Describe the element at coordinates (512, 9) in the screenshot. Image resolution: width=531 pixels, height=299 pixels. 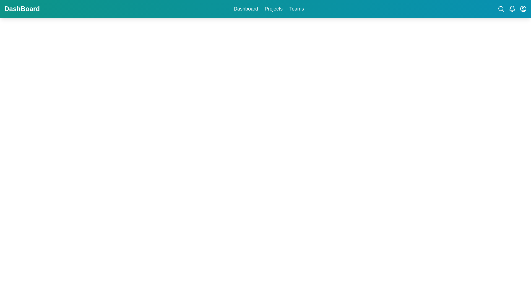
I see `the bell-shaped icon located at the top-right corner of the interface to change its color from white to gray` at that location.